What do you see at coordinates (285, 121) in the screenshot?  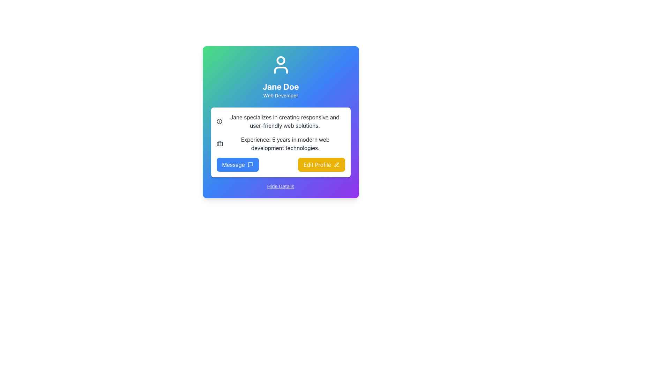 I see `the Text Display element that provides information about Jane's professional focus and skills, located beneath her name 'Jane Doe' and title 'Web Developer'` at bounding box center [285, 121].